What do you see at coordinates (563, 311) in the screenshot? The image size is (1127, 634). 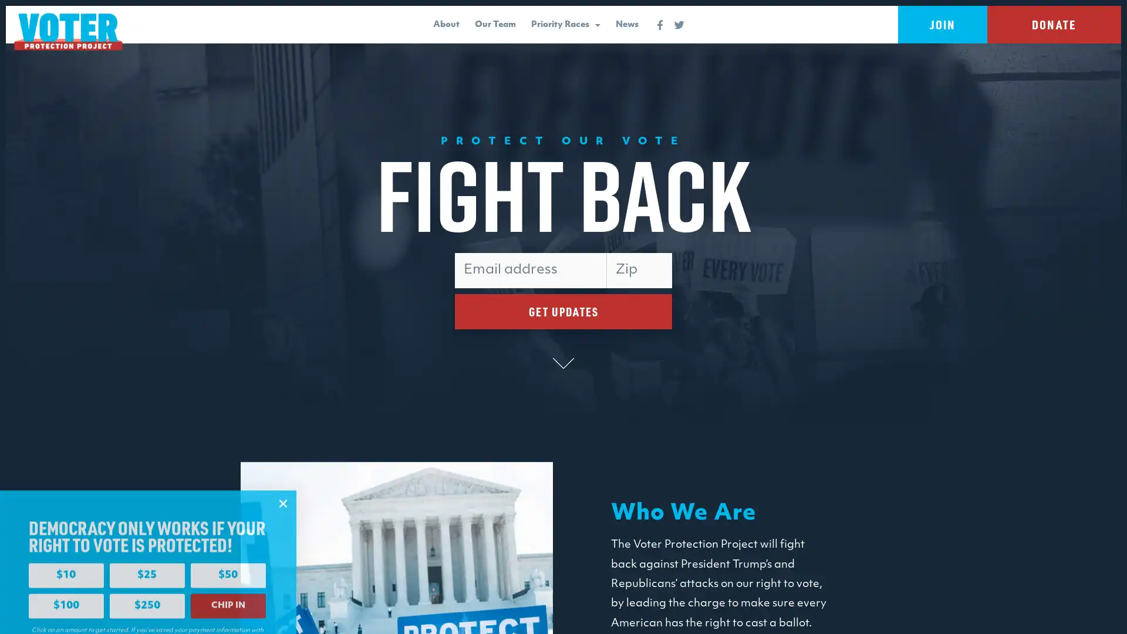 I see `GET UPDATES` at bounding box center [563, 311].